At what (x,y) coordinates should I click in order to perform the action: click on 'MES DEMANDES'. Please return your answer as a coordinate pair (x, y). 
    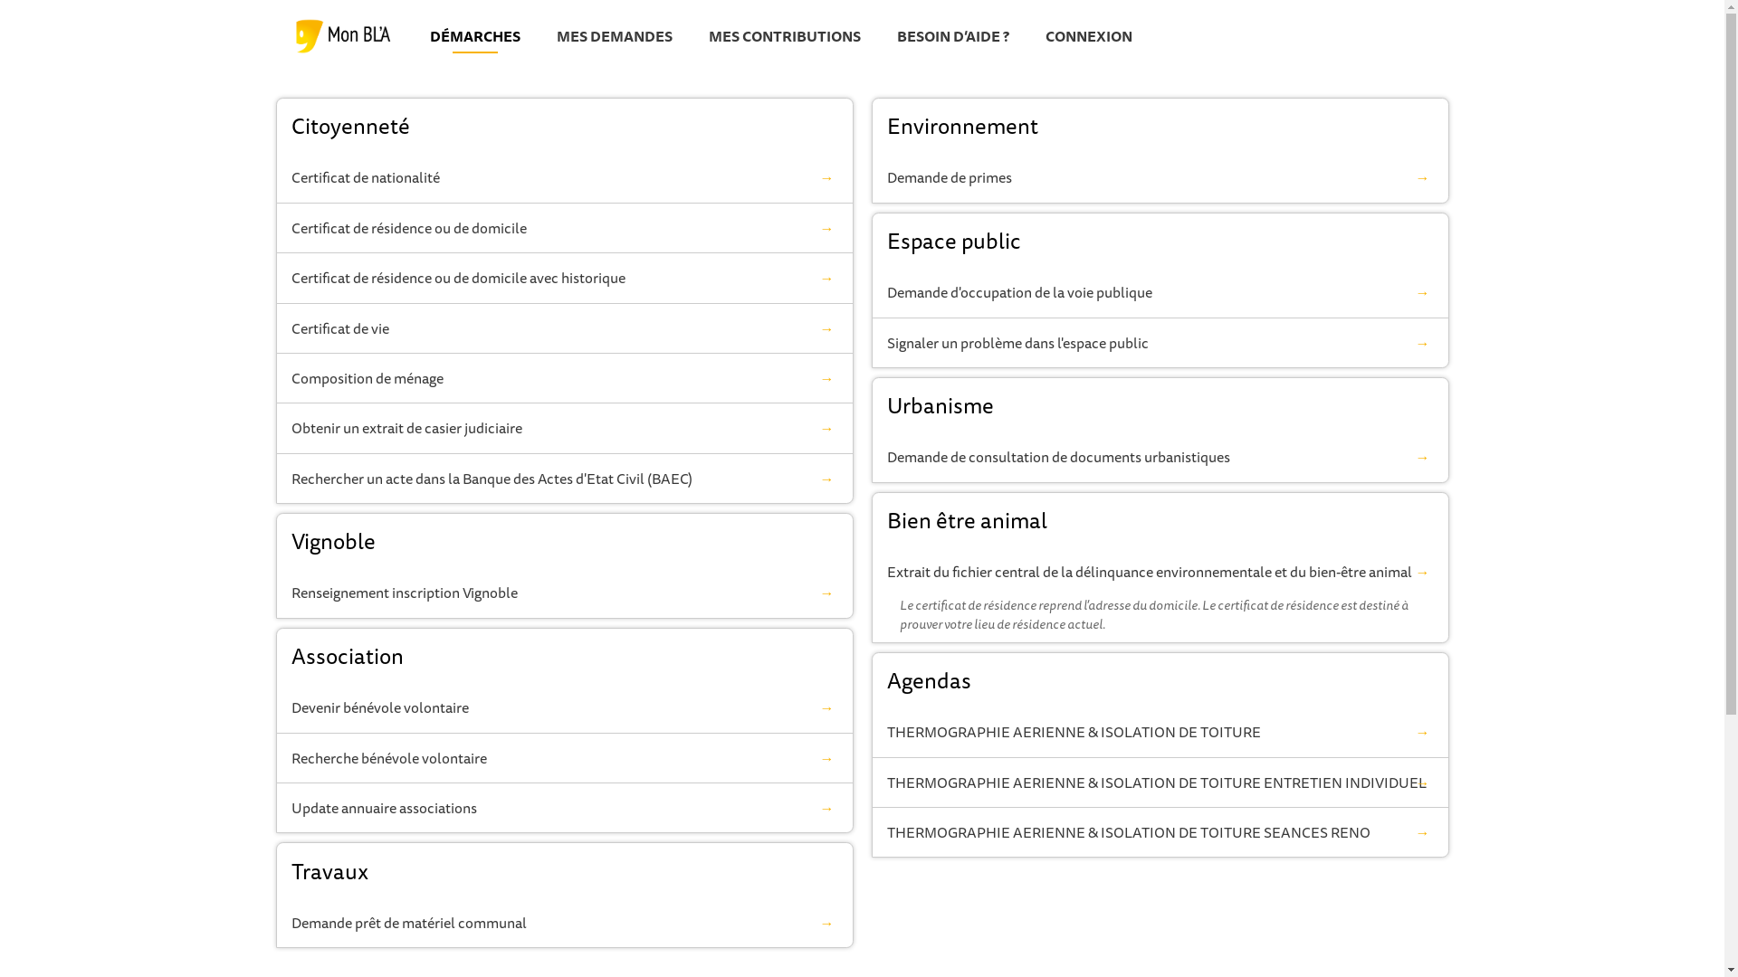
    Looking at the image, I should click on (613, 39).